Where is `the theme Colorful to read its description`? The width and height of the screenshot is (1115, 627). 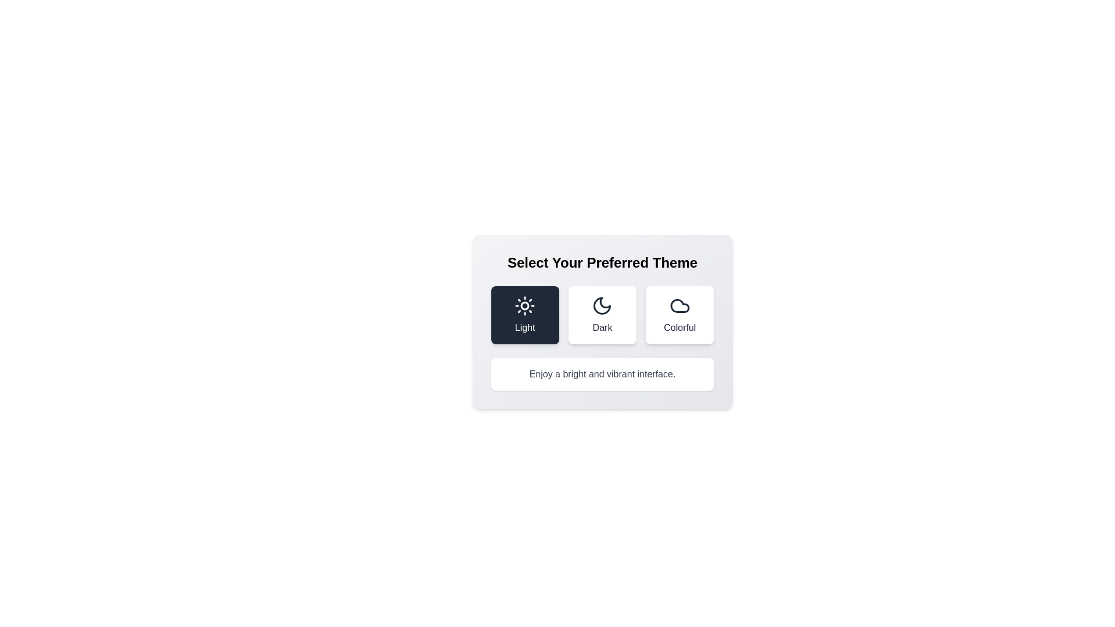
the theme Colorful to read its description is located at coordinates (680, 315).